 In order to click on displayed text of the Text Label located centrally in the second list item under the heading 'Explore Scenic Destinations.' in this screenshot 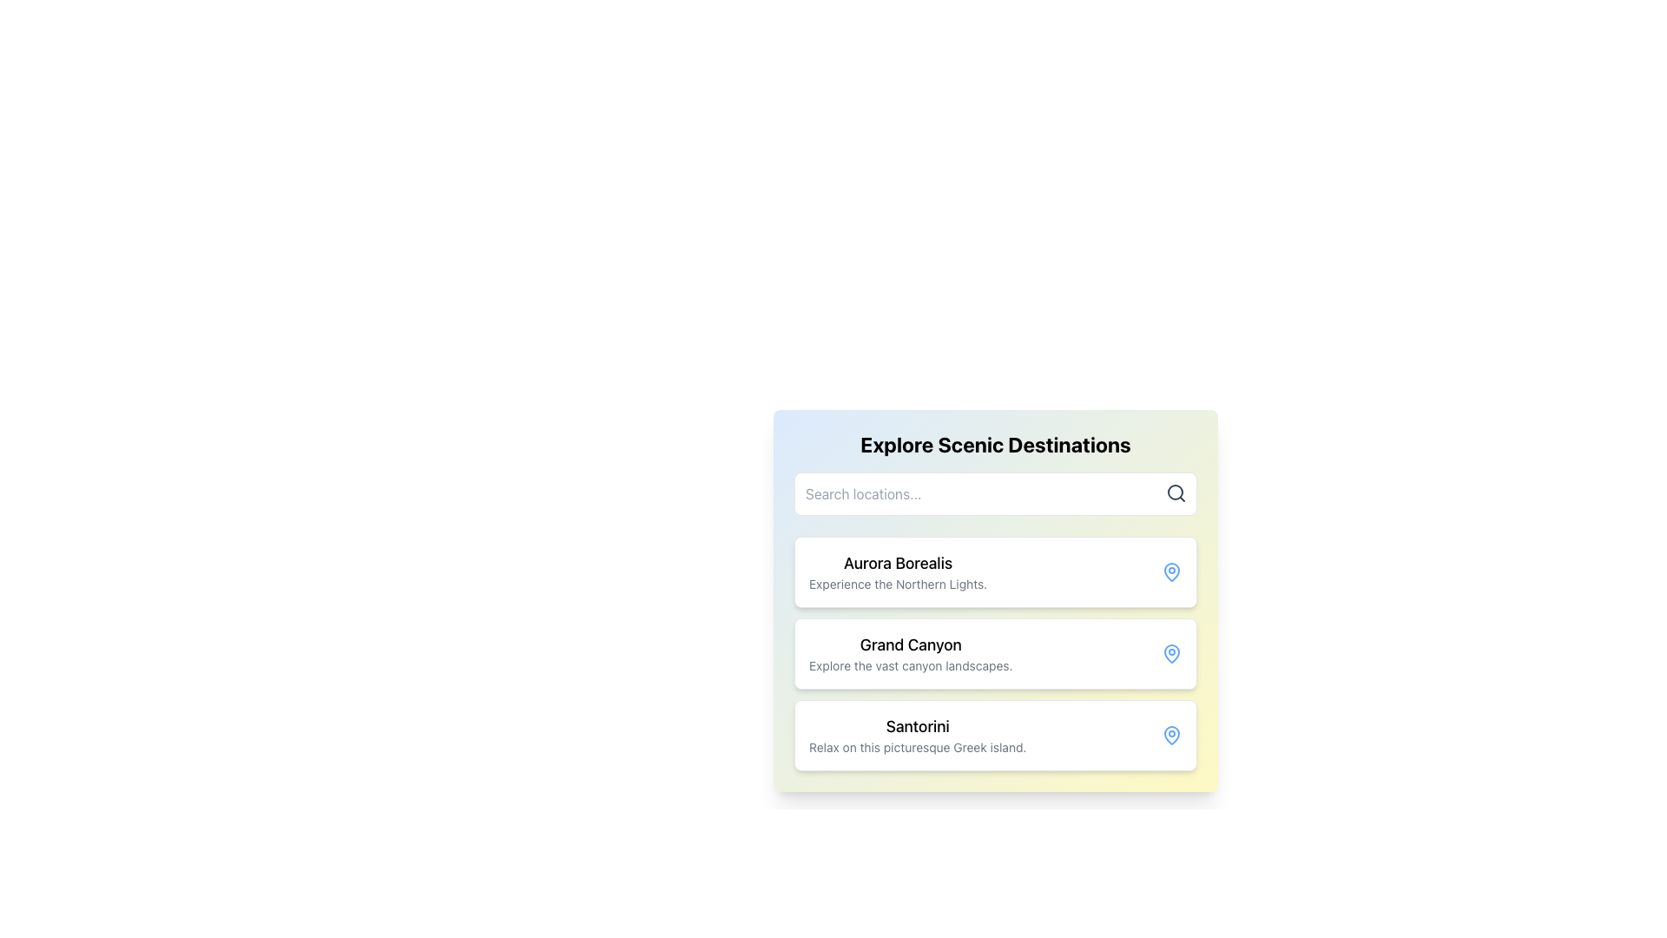, I will do `click(910, 645)`.